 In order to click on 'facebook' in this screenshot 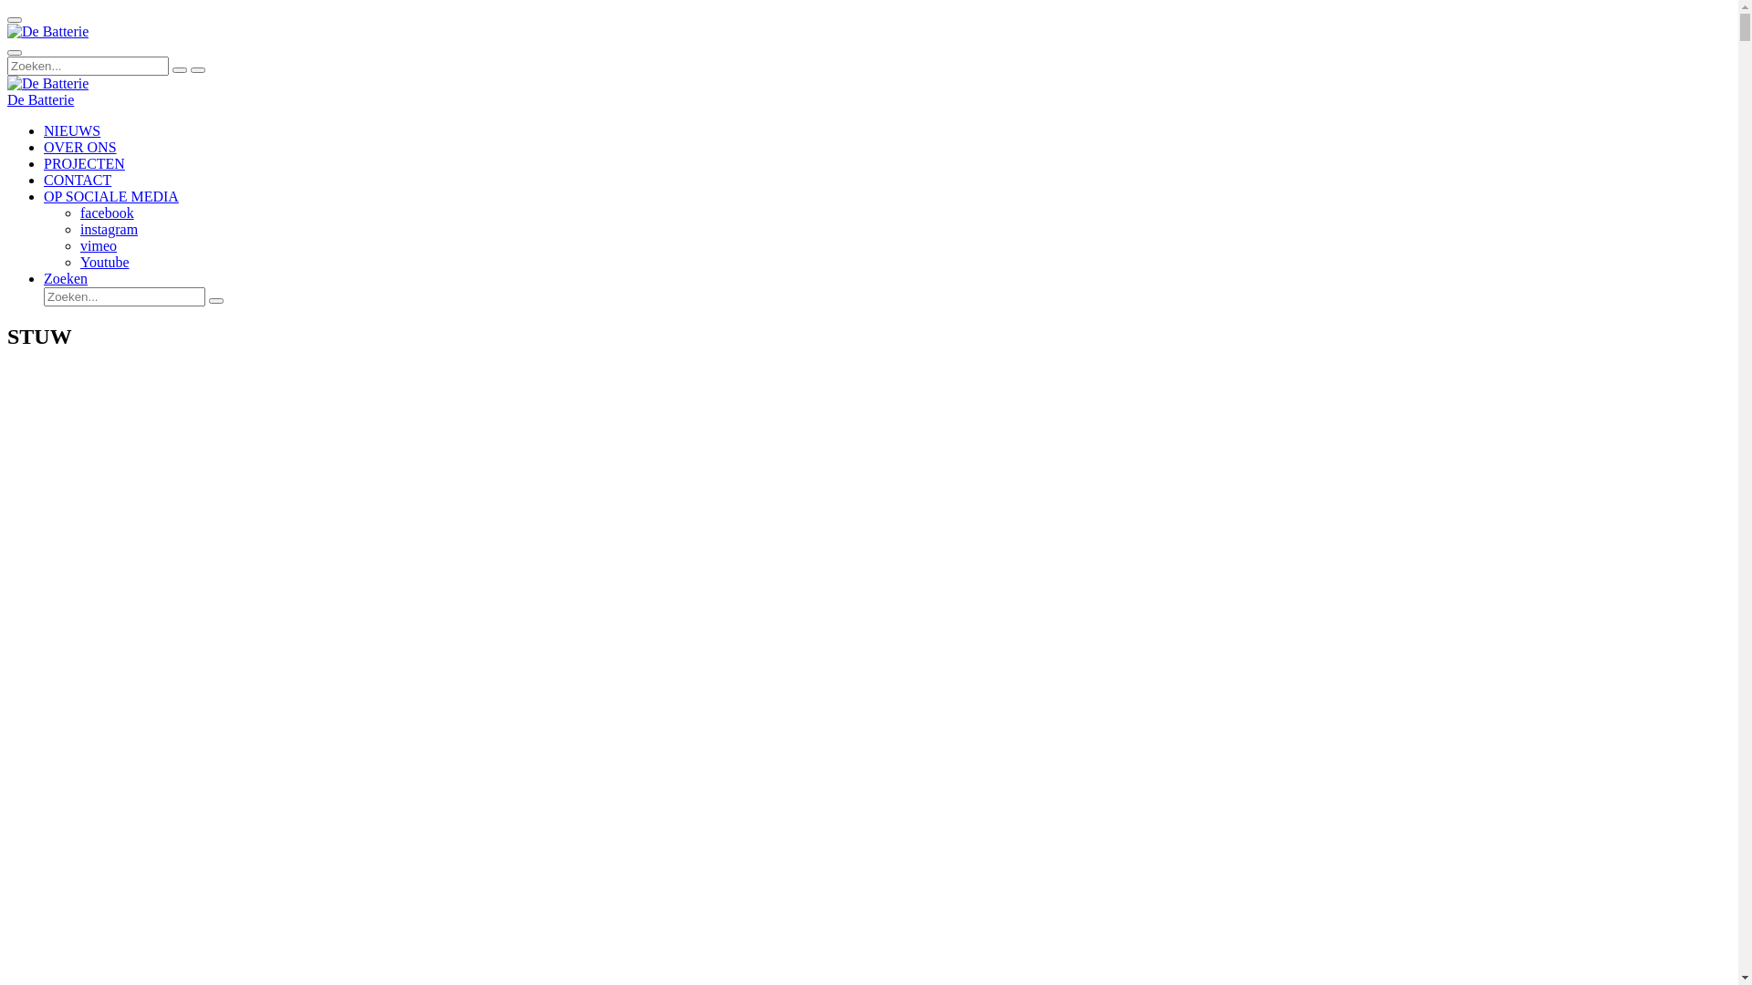, I will do `click(106, 212)`.